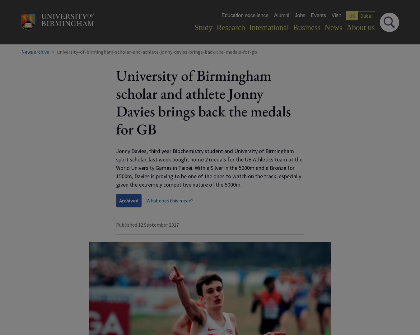 The image size is (420, 335). Describe the element at coordinates (245, 15) in the screenshot. I see `'Education excellence'` at that location.